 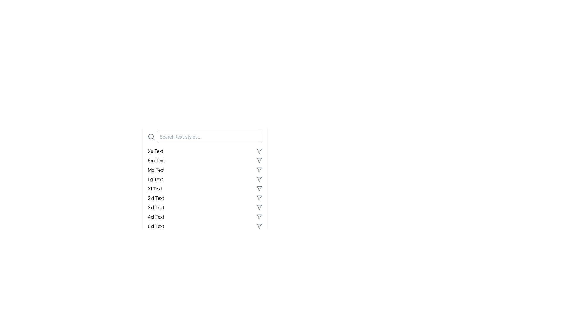 What do you see at coordinates (151, 136) in the screenshot?
I see `the circular component of the search icon located next to the input field, positioned within an SVG graphic` at bounding box center [151, 136].